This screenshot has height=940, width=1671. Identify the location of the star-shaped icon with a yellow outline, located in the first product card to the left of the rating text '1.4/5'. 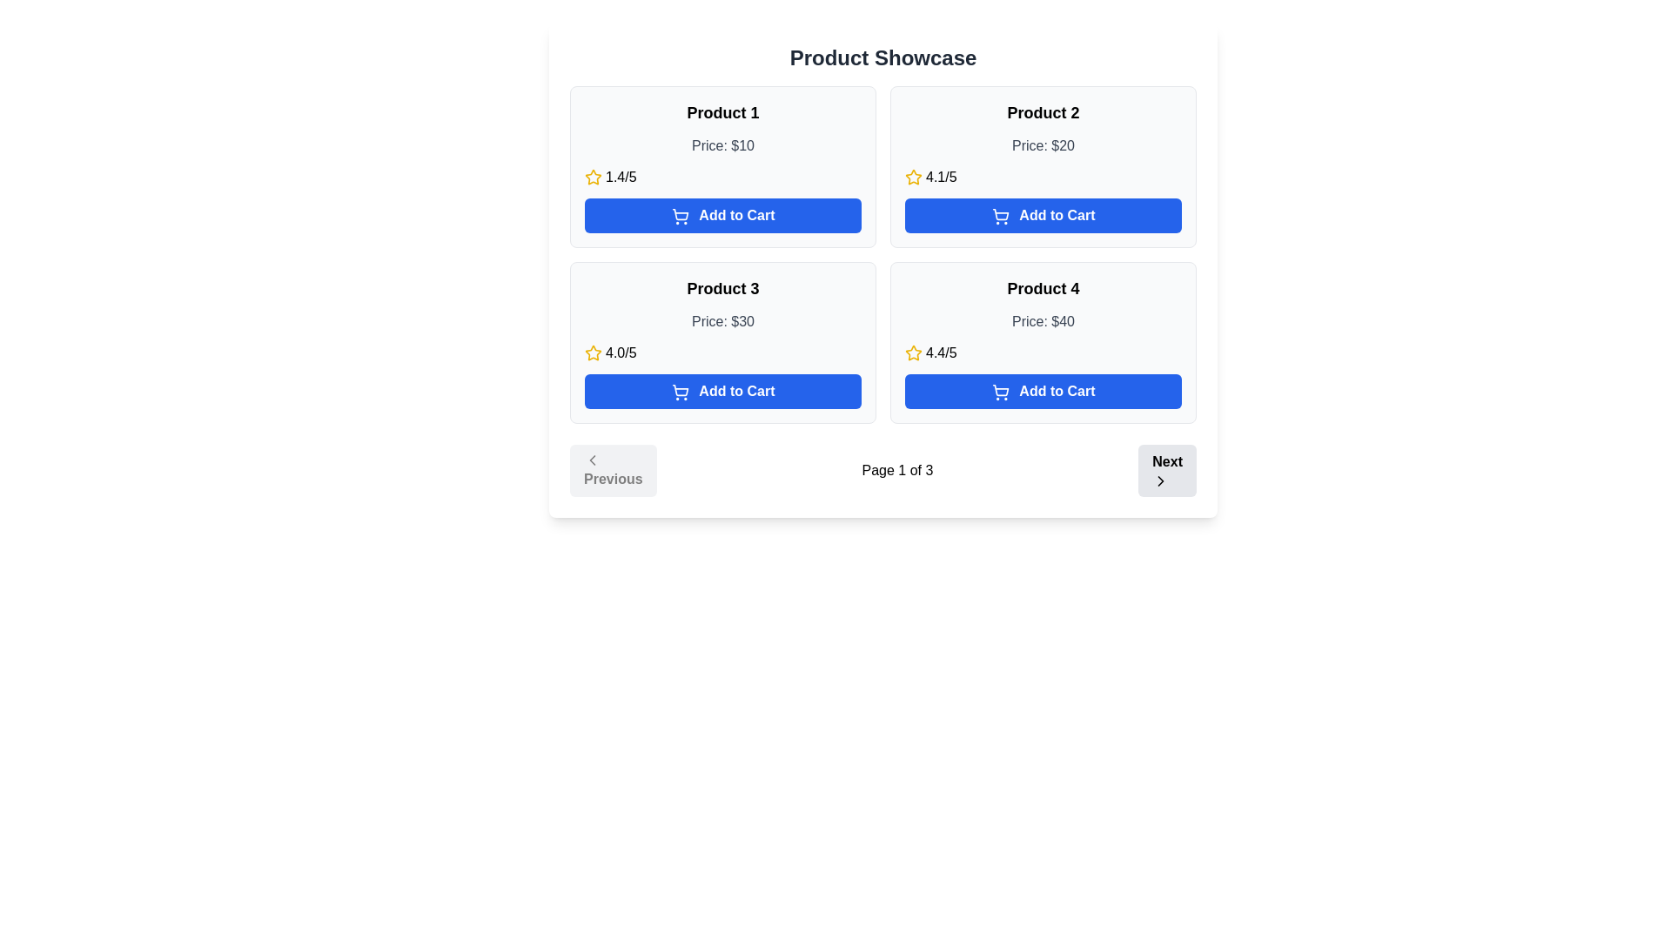
(593, 177).